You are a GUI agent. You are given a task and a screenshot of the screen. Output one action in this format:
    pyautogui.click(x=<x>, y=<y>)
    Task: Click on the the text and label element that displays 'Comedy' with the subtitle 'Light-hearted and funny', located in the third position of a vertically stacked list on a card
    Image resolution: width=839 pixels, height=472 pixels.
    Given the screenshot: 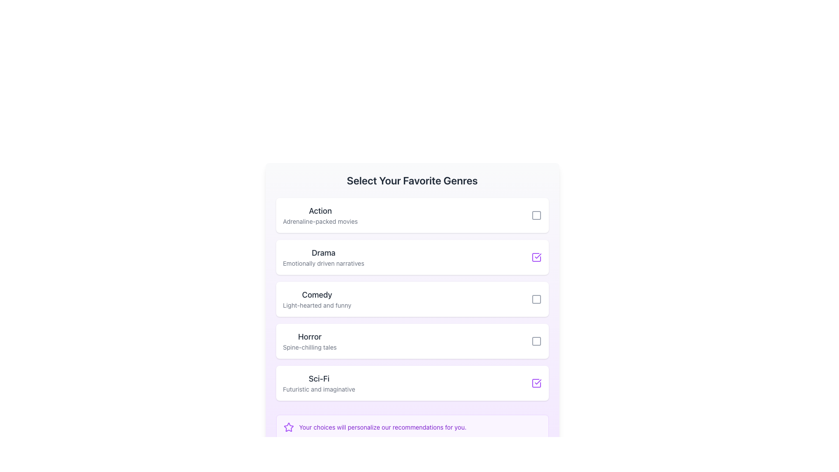 What is the action you would take?
    pyautogui.click(x=316, y=299)
    